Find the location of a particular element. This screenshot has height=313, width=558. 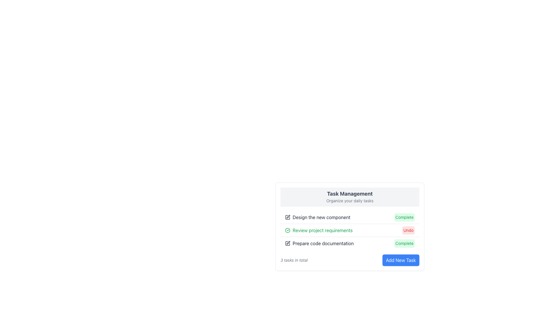

the green-colored static text label reading 'Review project requirements' located in the second row of the task list in the 'Task Management' box is located at coordinates (322, 230).